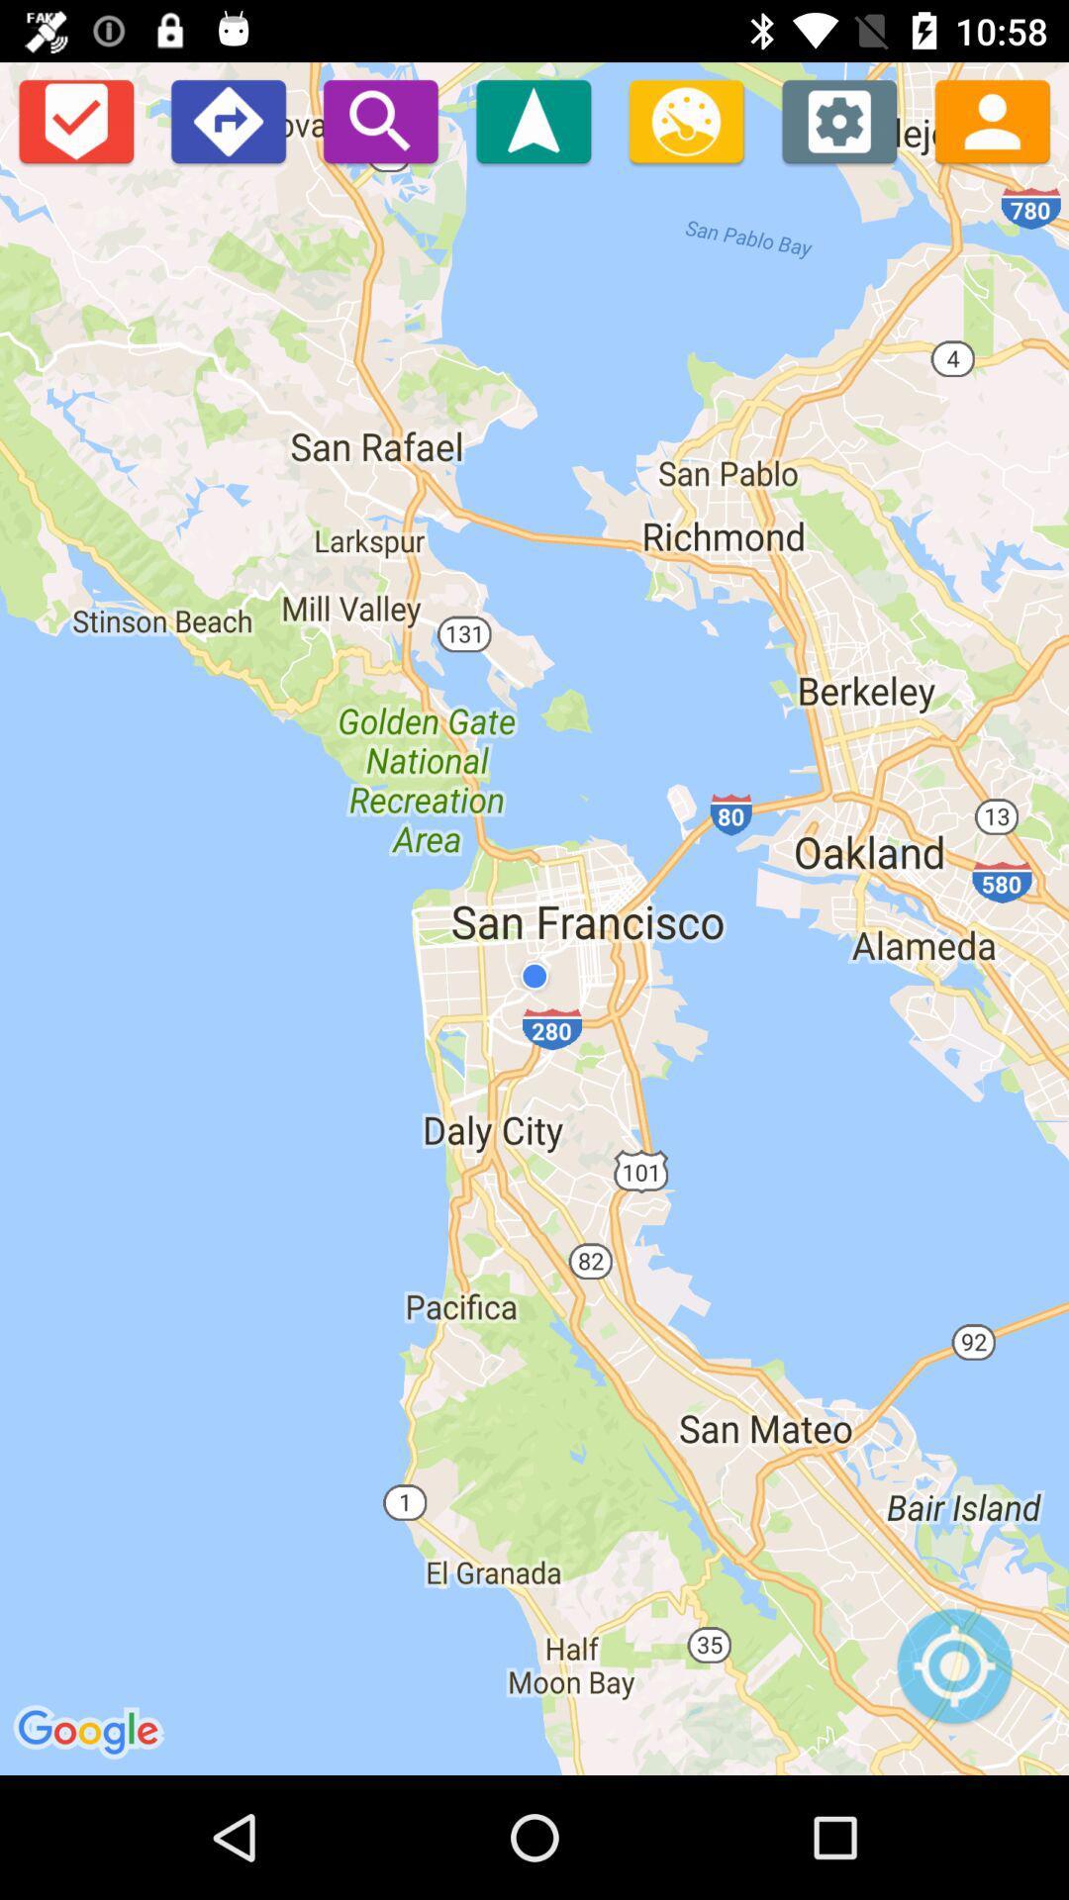 The height and width of the screenshot is (1900, 1069). Describe the element at coordinates (533, 120) in the screenshot. I see `the navigation icon` at that location.